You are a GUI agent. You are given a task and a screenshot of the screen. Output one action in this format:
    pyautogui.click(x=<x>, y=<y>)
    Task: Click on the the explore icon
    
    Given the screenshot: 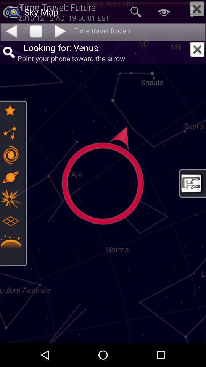 What is the action you would take?
    pyautogui.click(x=10, y=177)
    